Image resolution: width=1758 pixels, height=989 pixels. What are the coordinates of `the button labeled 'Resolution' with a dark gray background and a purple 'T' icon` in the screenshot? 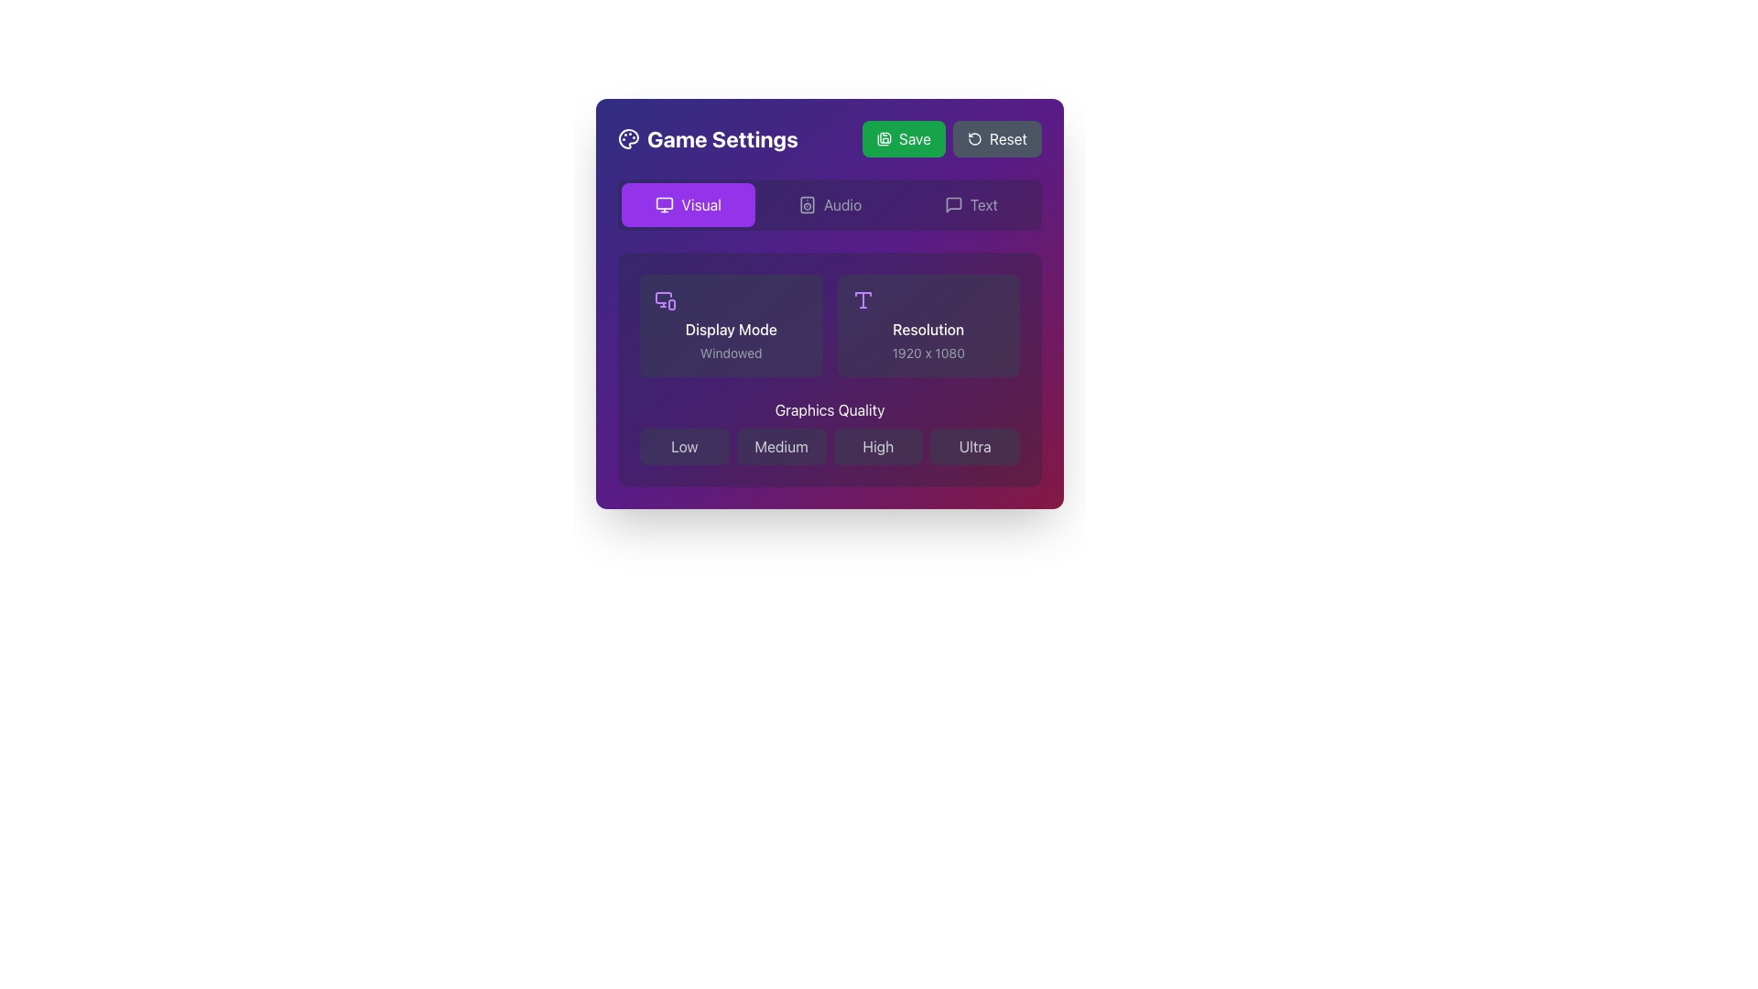 It's located at (928, 324).